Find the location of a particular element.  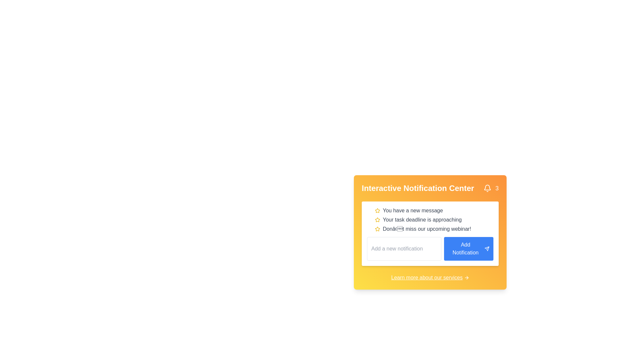

bold, white-colored text 'Interactive Notification Center' displayed in the header section of the notification panel is located at coordinates (417, 188).